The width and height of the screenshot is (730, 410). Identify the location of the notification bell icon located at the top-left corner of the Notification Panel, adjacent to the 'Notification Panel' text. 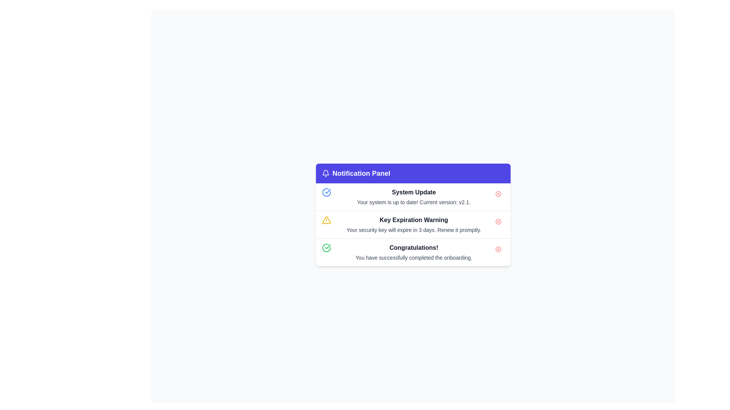
(325, 172).